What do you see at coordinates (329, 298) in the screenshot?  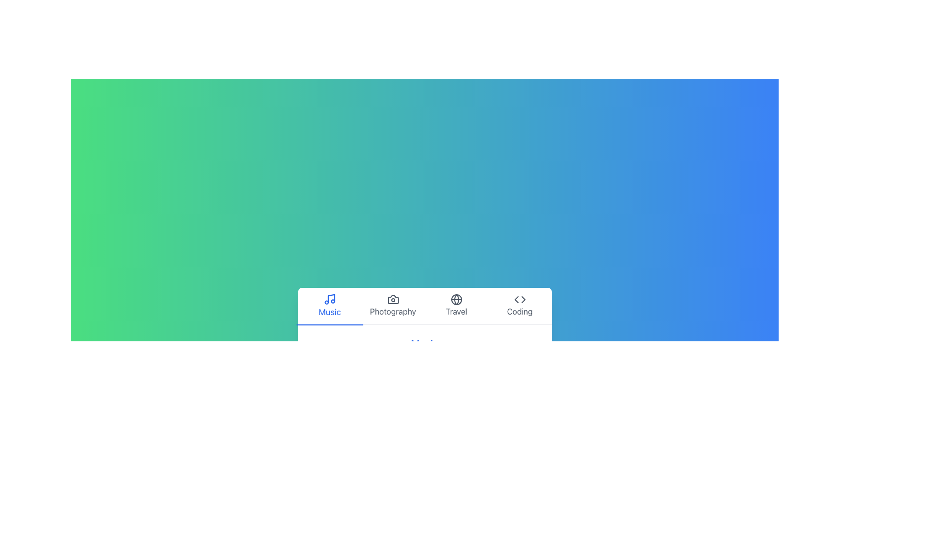 I see `the musical note icon within the 'Music' button` at bounding box center [329, 298].